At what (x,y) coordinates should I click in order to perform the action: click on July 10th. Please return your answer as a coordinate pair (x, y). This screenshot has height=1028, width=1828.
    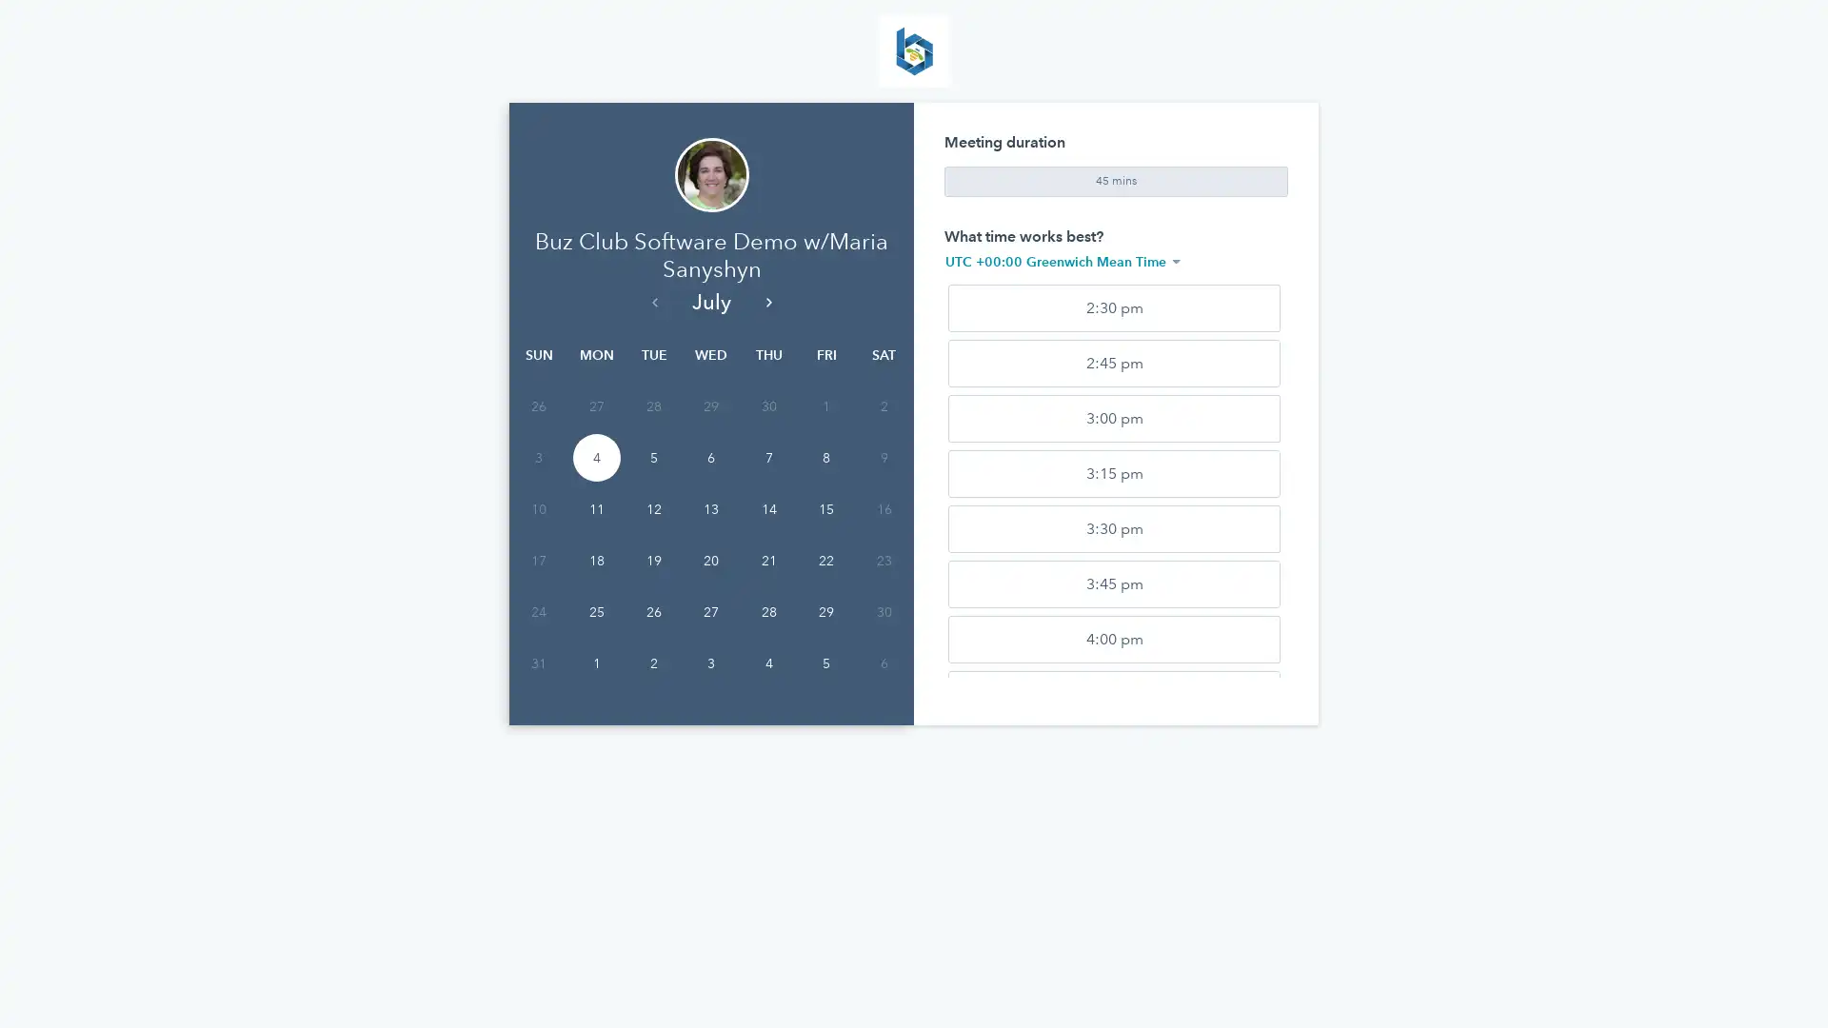
    Looking at the image, I should click on (538, 508).